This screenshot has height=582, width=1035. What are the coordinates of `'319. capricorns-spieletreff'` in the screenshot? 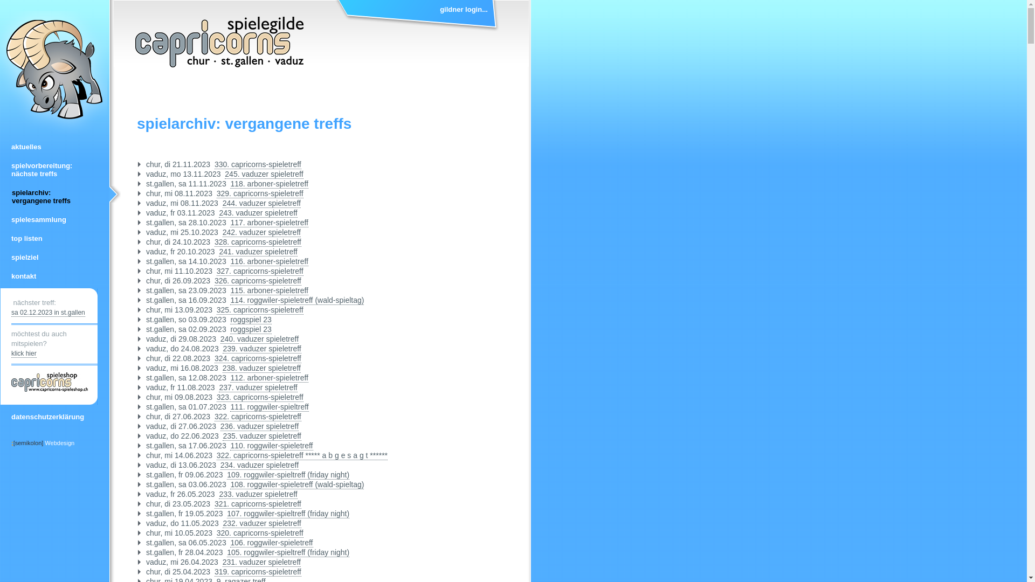 It's located at (257, 571).